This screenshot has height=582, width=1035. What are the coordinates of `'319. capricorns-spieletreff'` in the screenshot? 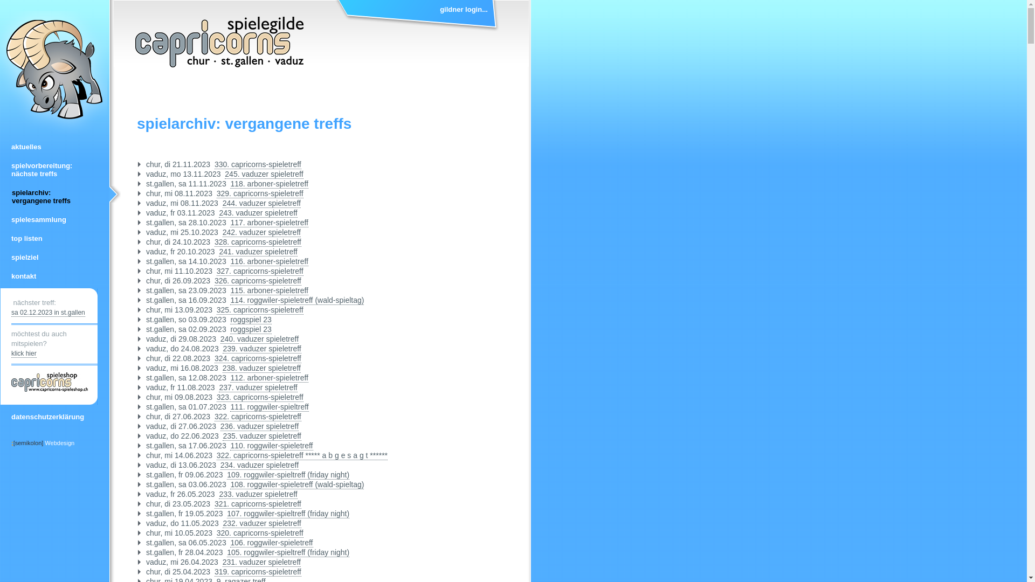 It's located at (257, 571).